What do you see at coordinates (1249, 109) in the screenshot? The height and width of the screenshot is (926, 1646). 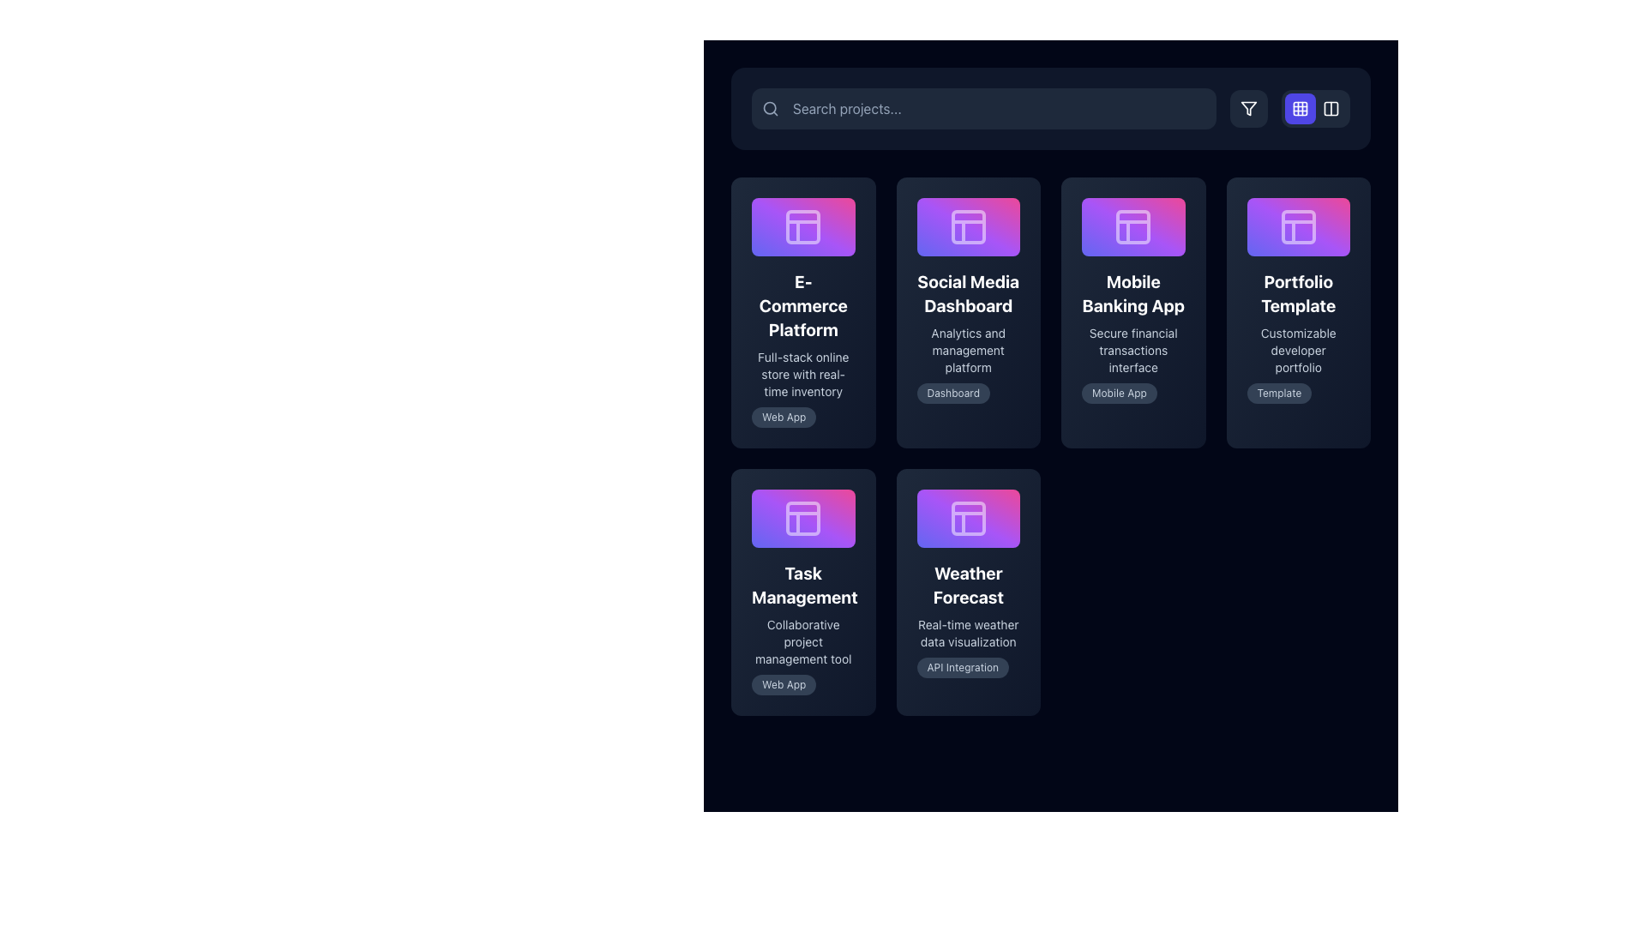 I see `the funnel-shaped icon located` at bounding box center [1249, 109].